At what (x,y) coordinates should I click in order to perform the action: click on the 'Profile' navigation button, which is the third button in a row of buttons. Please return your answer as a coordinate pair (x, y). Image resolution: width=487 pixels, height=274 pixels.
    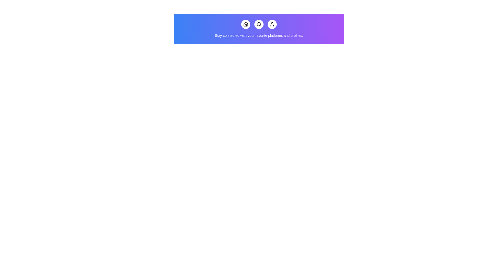
    Looking at the image, I should click on (272, 24).